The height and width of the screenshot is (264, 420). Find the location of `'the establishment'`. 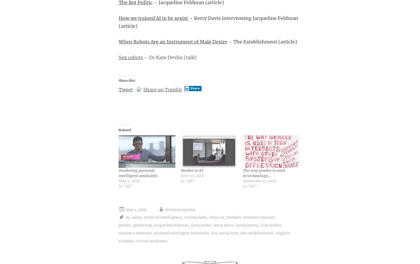

'the establishment' is located at coordinates (240, 233).